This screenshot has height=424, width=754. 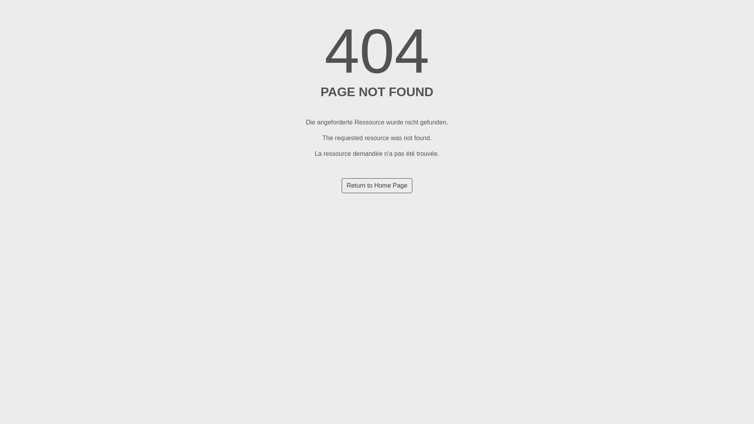 What do you see at coordinates (377, 186) in the screenshot?
I see `'Return to Home Page'` at bounding box center [377, 186].